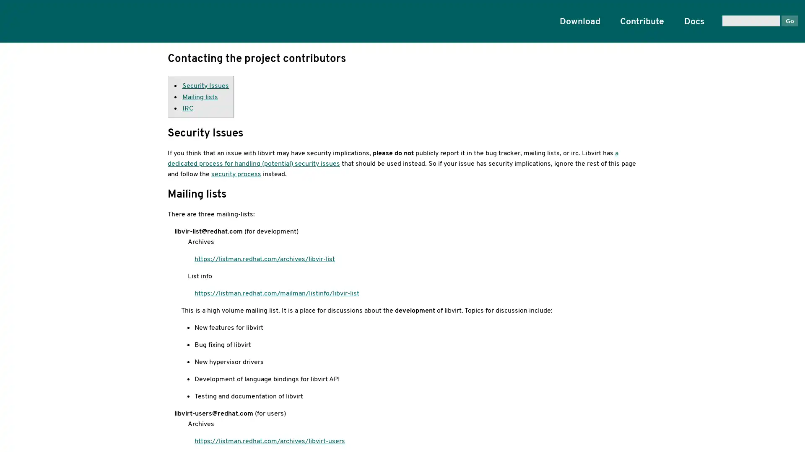  I want to click on Go, so click(789, 20).